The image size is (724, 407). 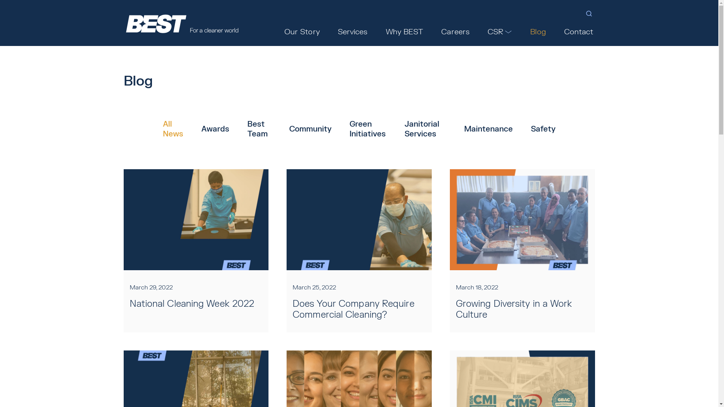 I want to click on 'Our Story', so click(x=302, y=31).